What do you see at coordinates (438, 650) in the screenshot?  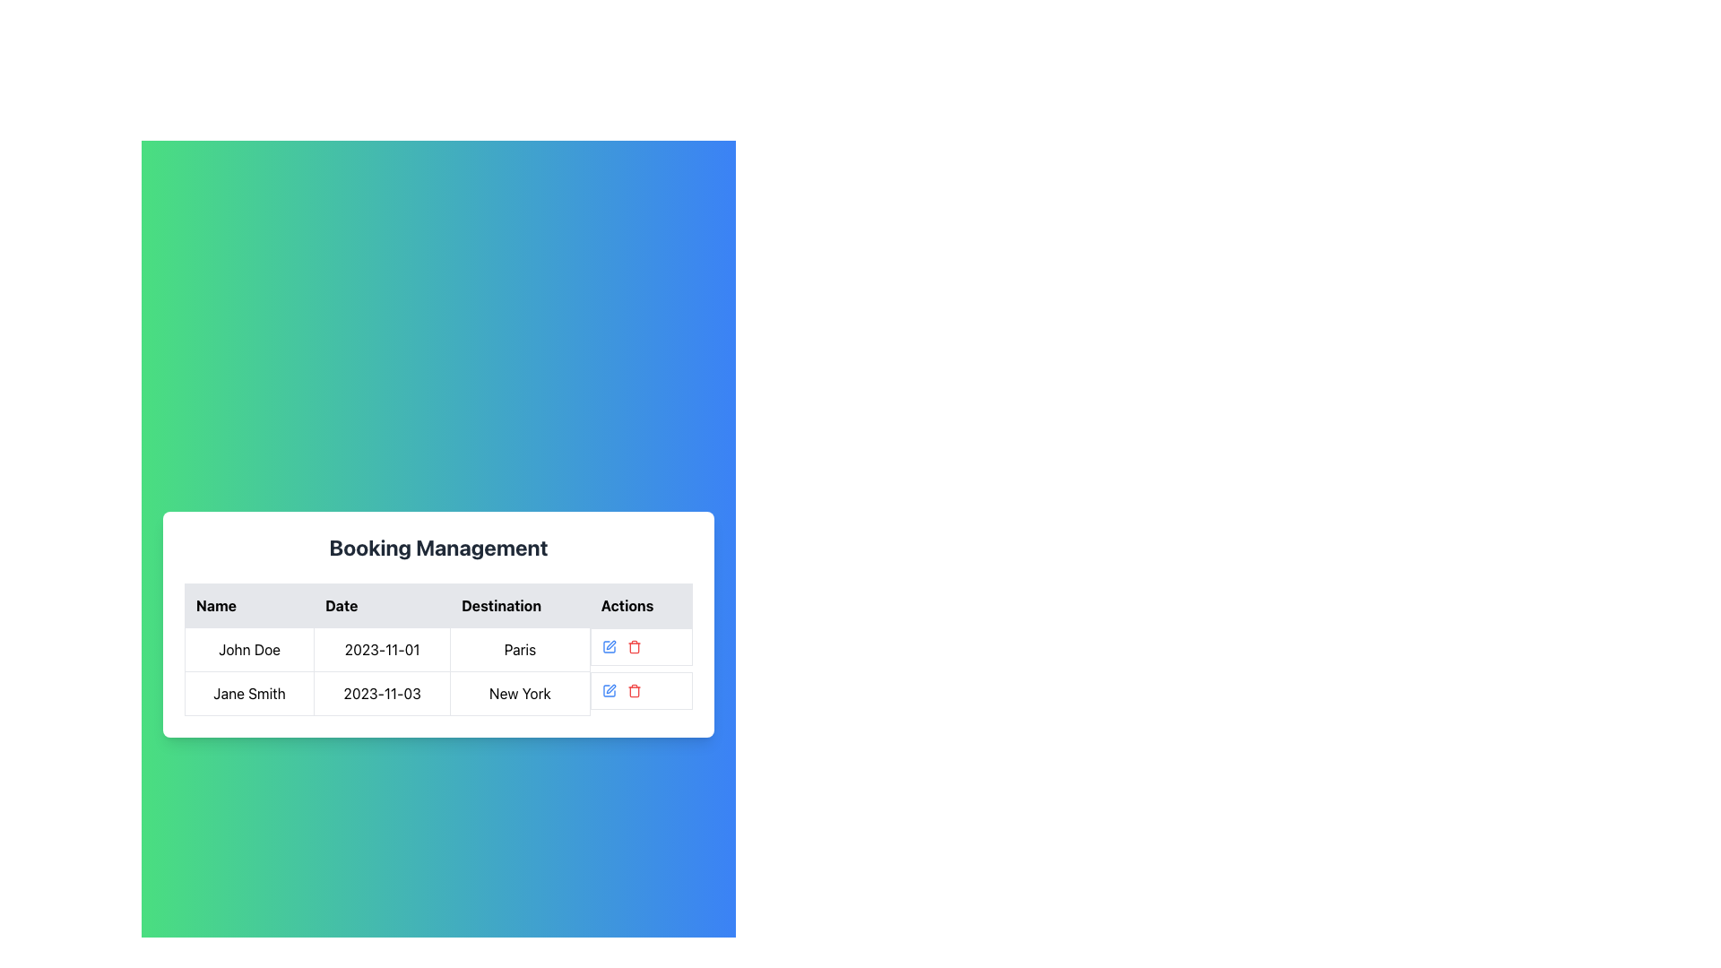 I see `the table cell displaying the booking date, located` at bounding box center [438, 650].